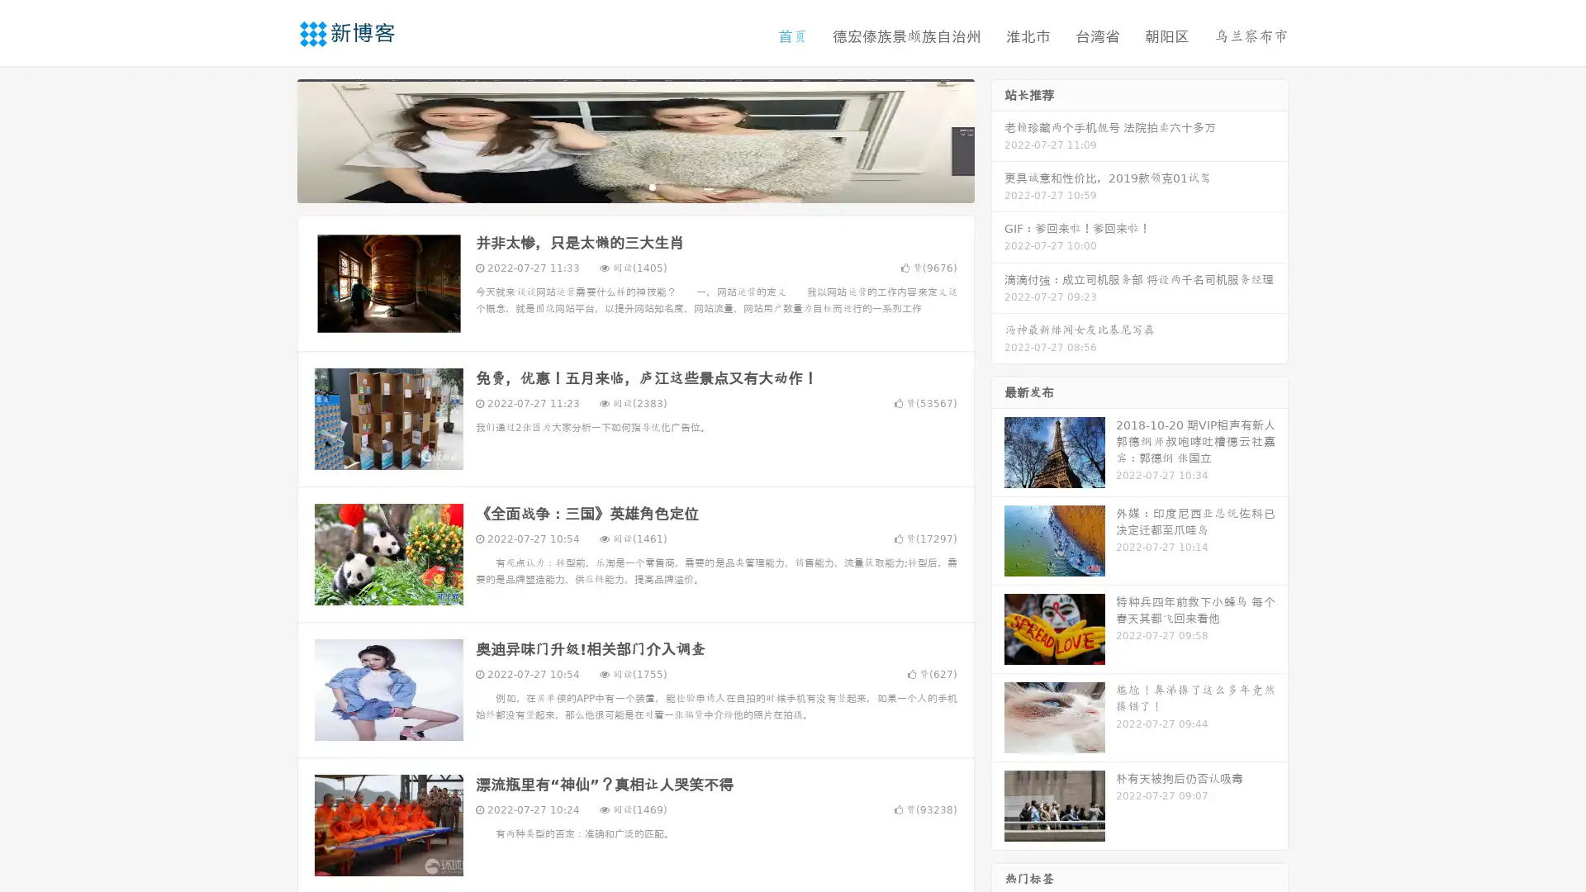 Image resolution: width=1586 pixels, height=892 pixels. Describe the element at coordinates (634, 186) in the screenshot. I see `Go to slide 2` at that location.